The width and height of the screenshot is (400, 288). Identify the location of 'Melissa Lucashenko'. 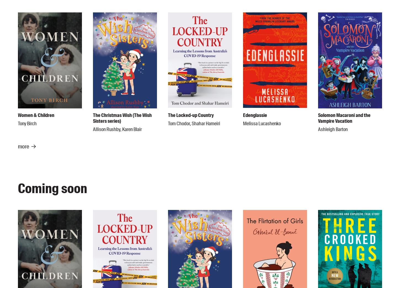
(262, 123).